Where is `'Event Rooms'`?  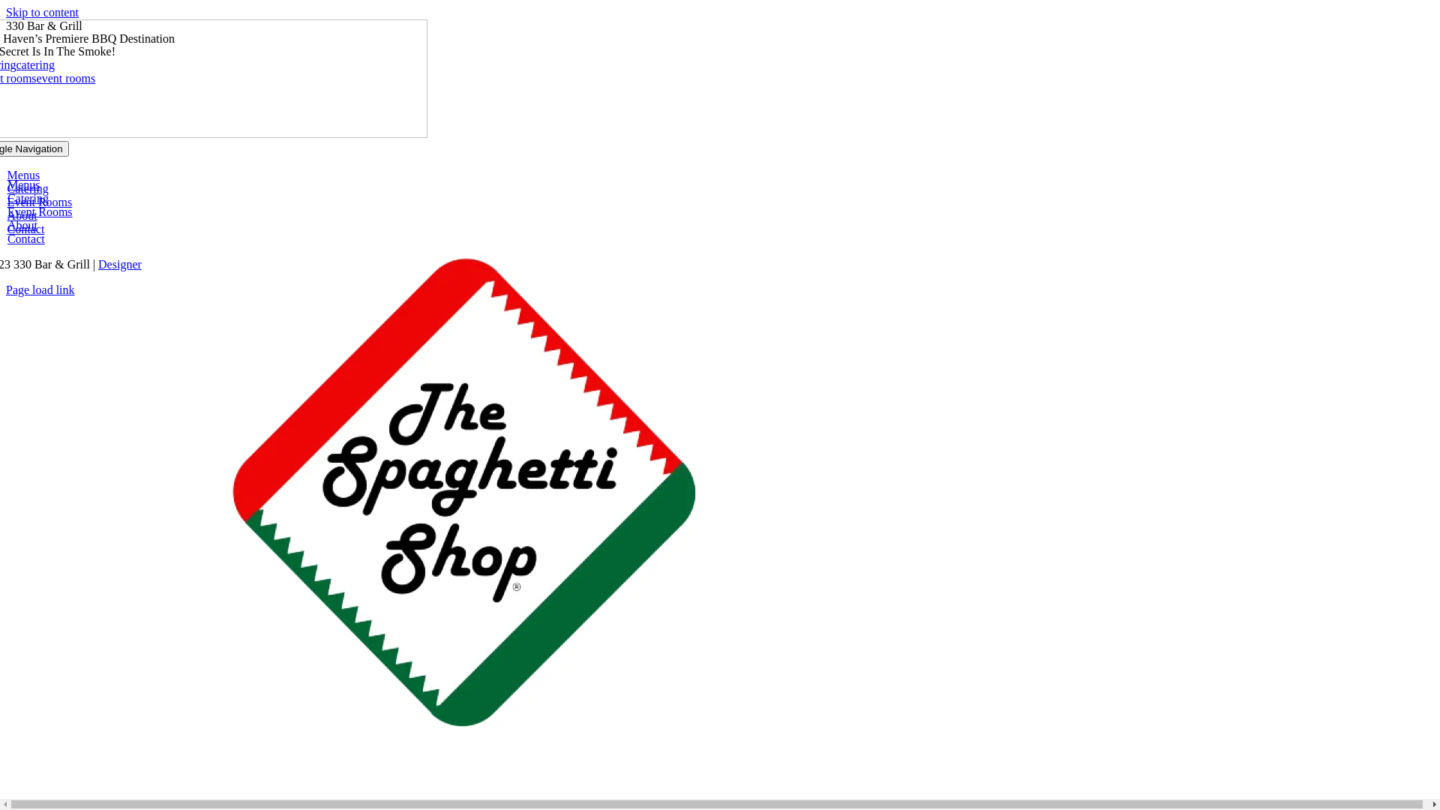 'Event Rooms' is located at coordinates (40, 201).